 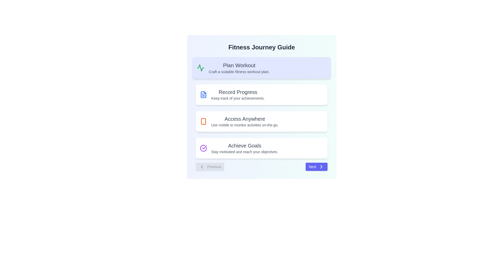 I want to click on the Informative Text Block labeled 'Record Progress' which contains two lines of text: 'Record Progress' and 'Keep track of your achievements.', so click(x=237, y=94).